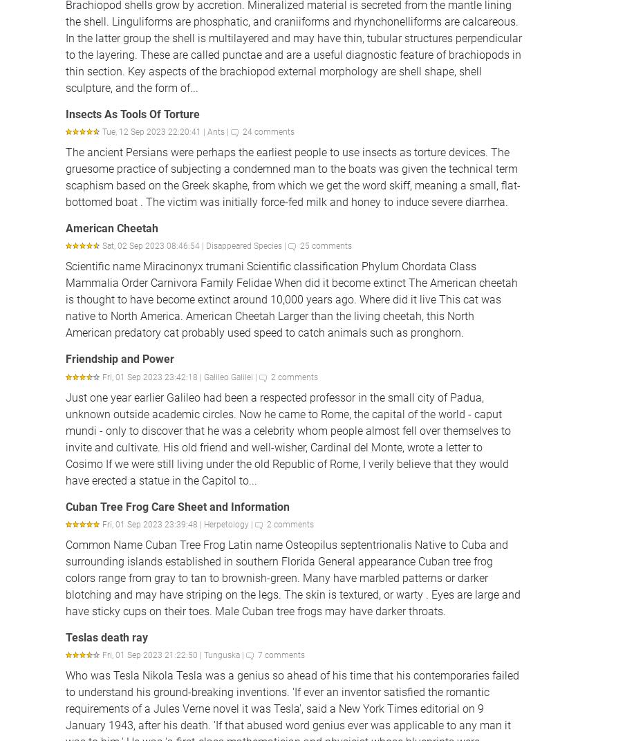 The image size is (625, 741). What do you see at coordinates (292, 177) in the screenshot?
I see `'The ancient Persians were perhaps the earliest people to use insects as torture devices. The gruesome practice of subjecting a condemned man to the boats was given the technical term scaphism based on the Greek skaphe, from which we get the word skiff, meaning a small, flat-bottomed boat . The victim was initially force-fed milk and honey to induce severe diarrhea.'` at bounding box center [292, 177].